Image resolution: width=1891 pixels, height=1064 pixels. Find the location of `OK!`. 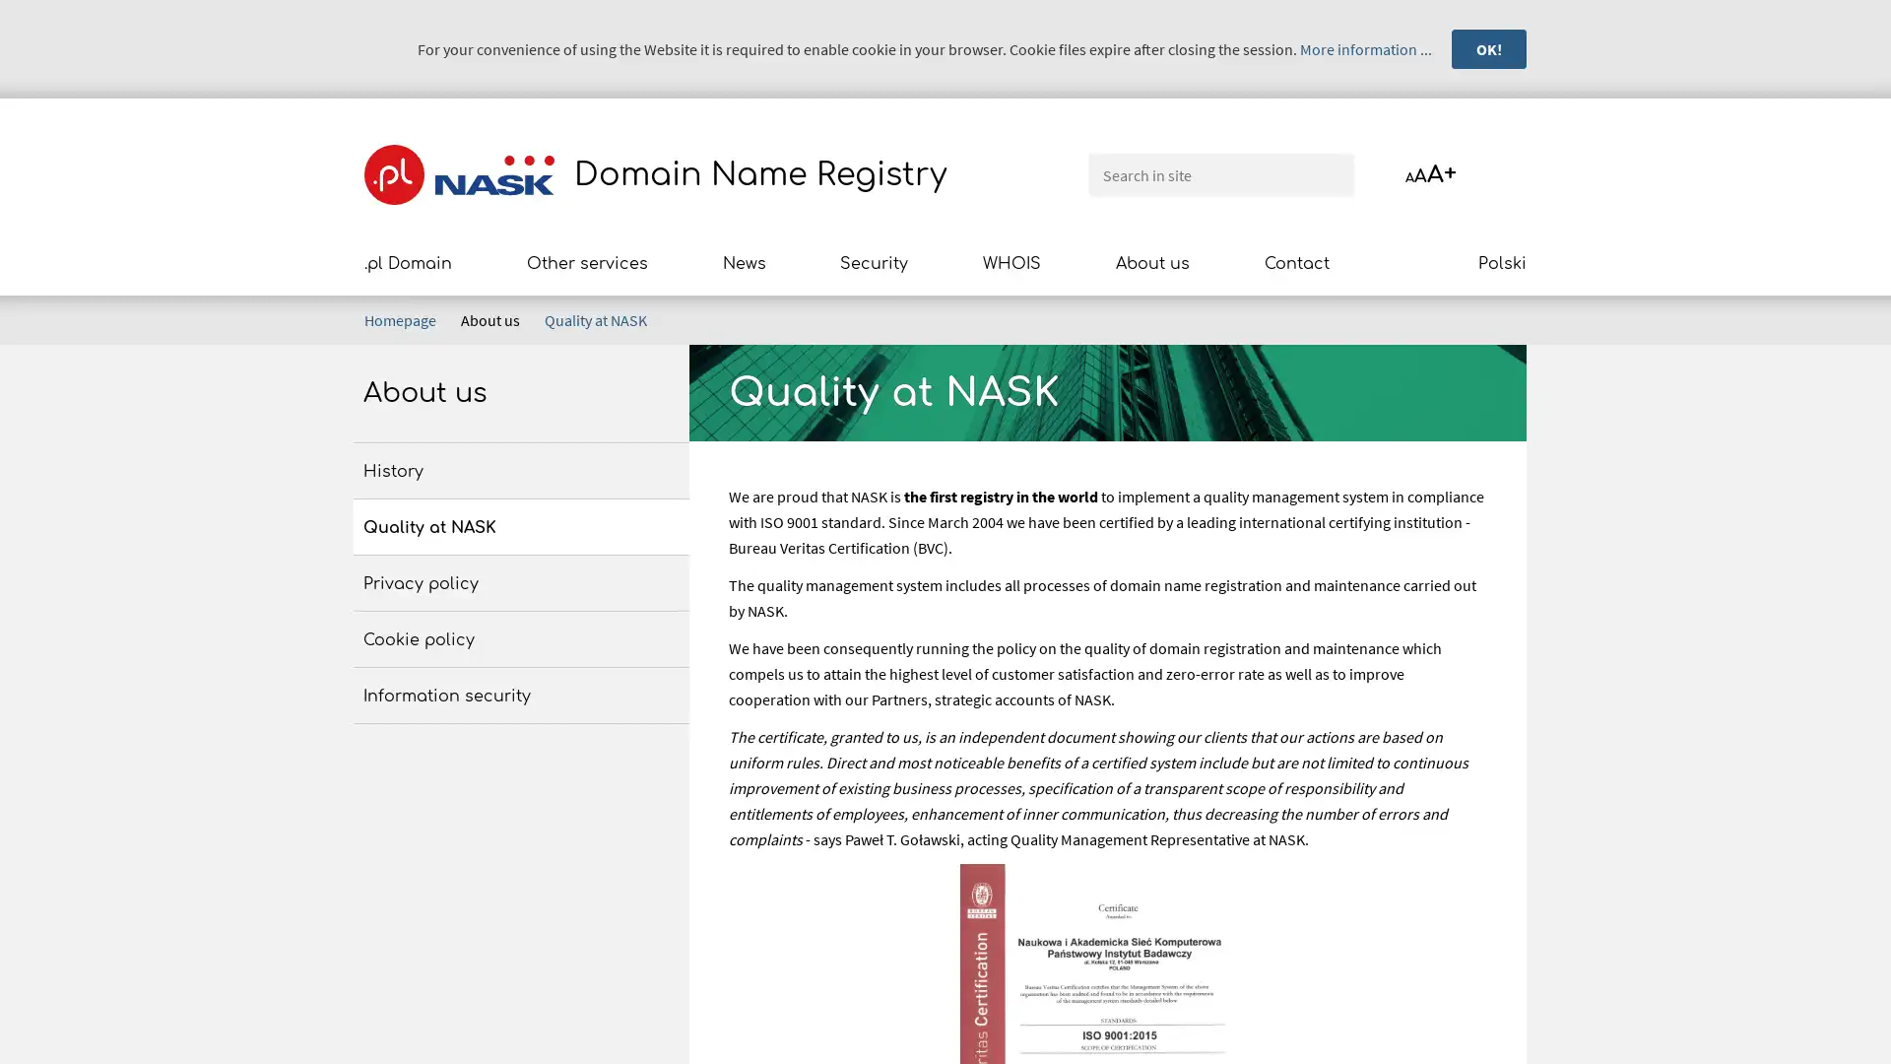

OK! is located at coordinates (1489, 48).